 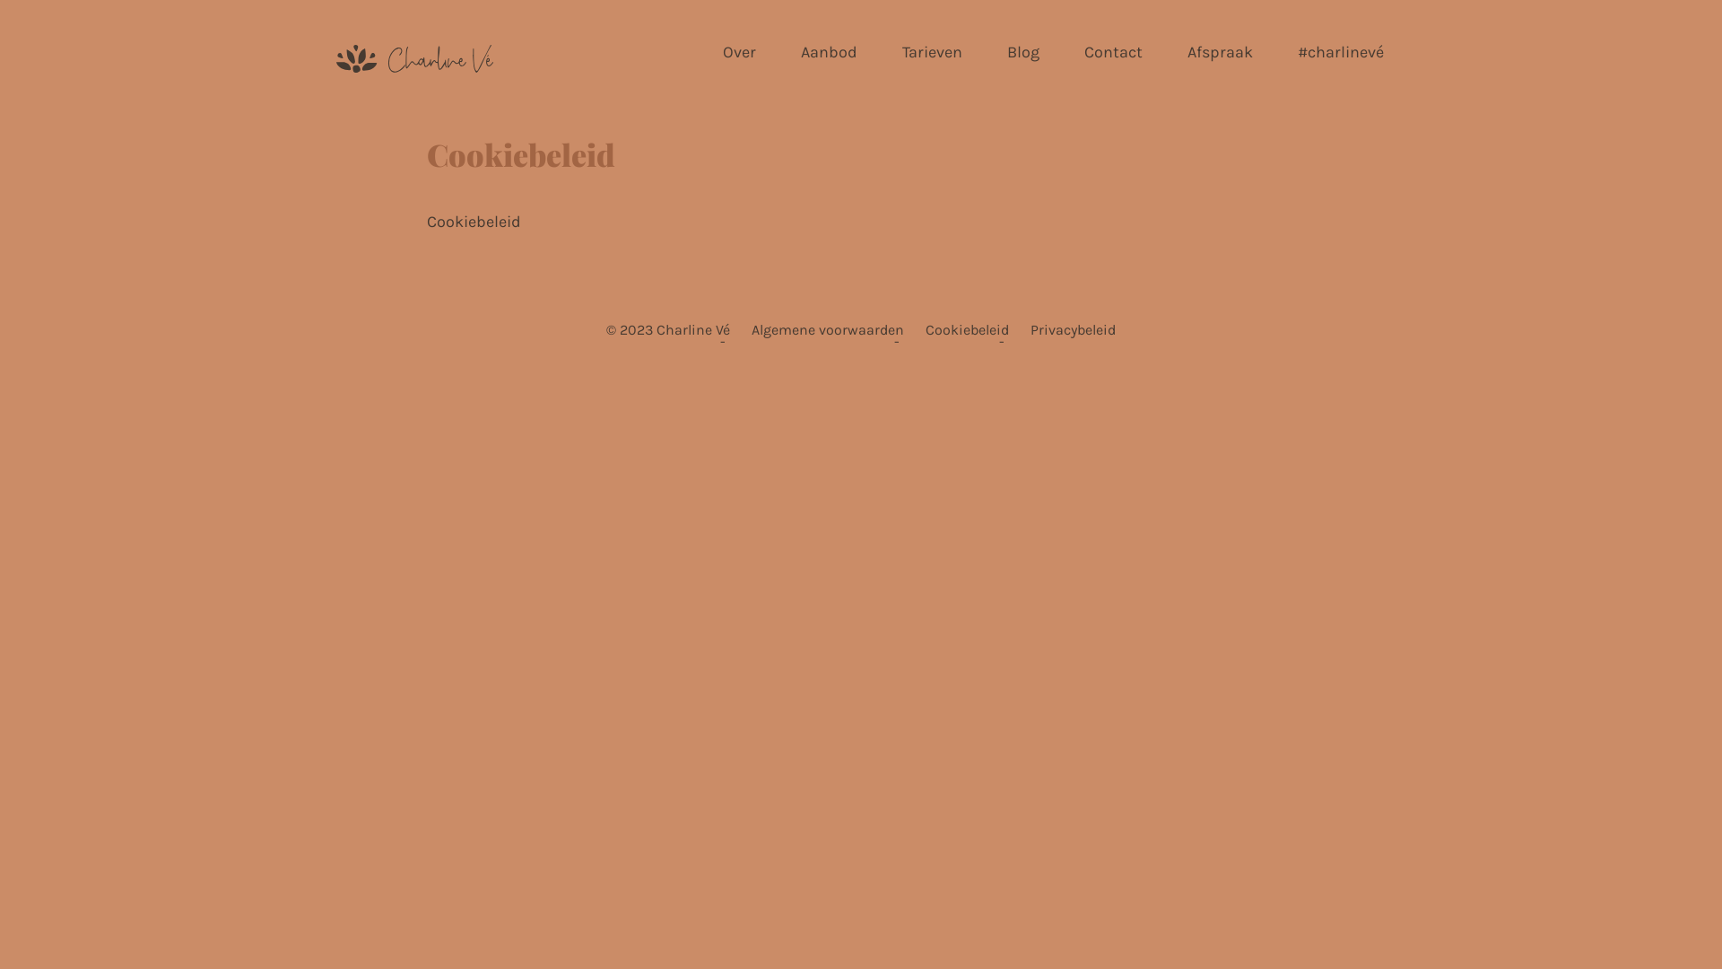 I want to click on 'Algemene voorwaarden', so click(x=826, y=329).